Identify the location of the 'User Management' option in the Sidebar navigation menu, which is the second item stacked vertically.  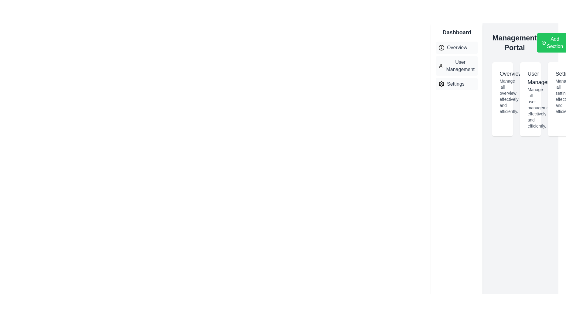
(457, 66).